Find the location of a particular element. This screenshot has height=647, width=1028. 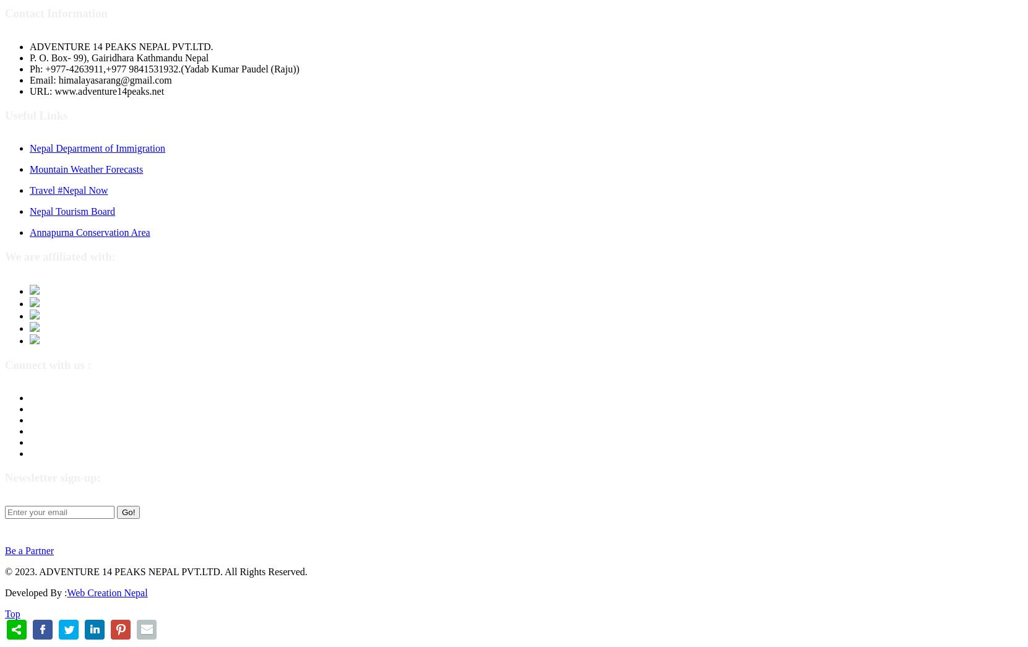

'Mountain Weather Forecasts' is located at coordinates (86, 168).